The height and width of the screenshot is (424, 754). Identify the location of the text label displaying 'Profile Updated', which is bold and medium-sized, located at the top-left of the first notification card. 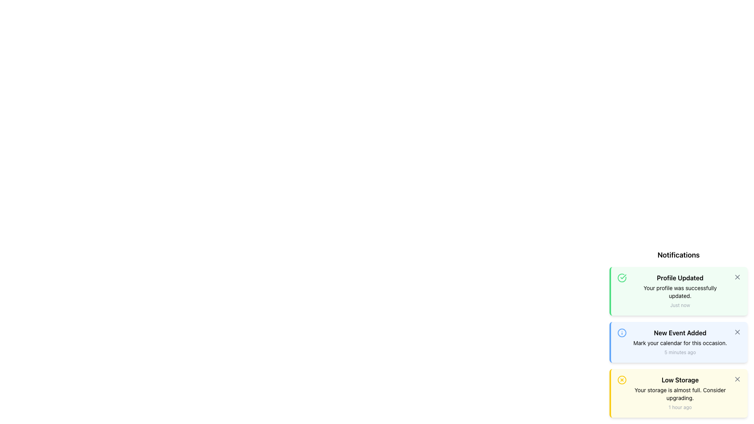
(680, 278).